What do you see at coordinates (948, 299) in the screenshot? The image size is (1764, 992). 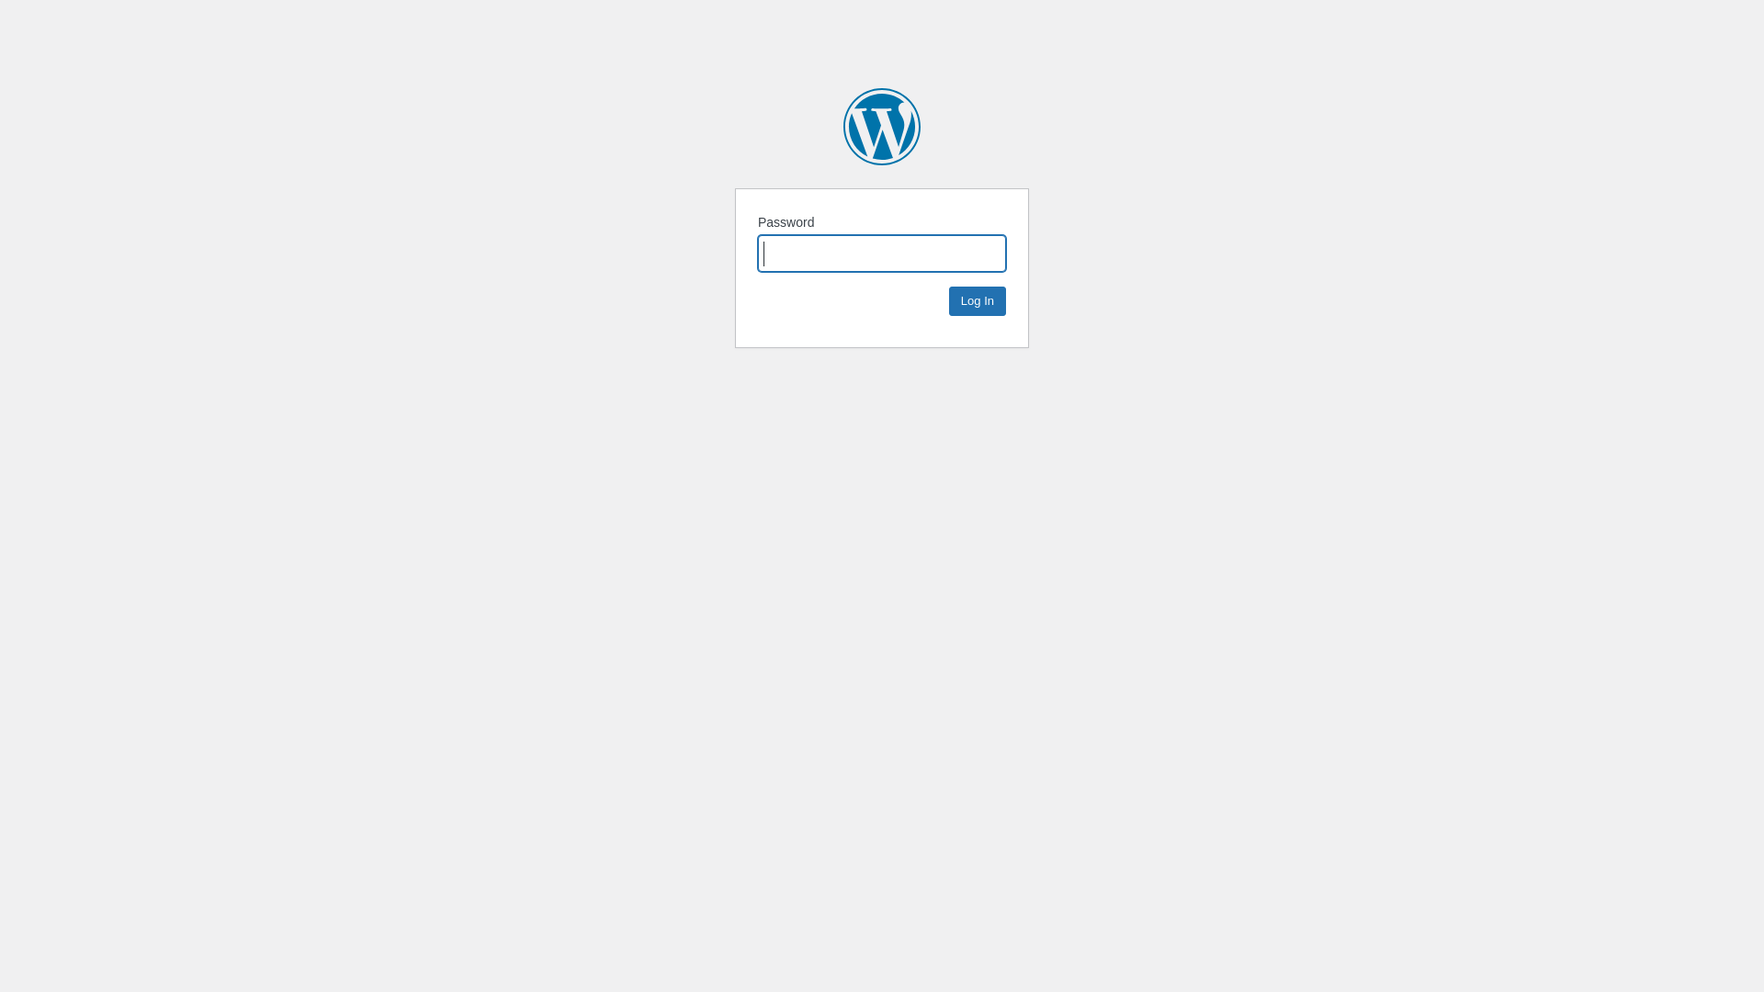 I see `'Log In'` at bounding box center [948, 299].